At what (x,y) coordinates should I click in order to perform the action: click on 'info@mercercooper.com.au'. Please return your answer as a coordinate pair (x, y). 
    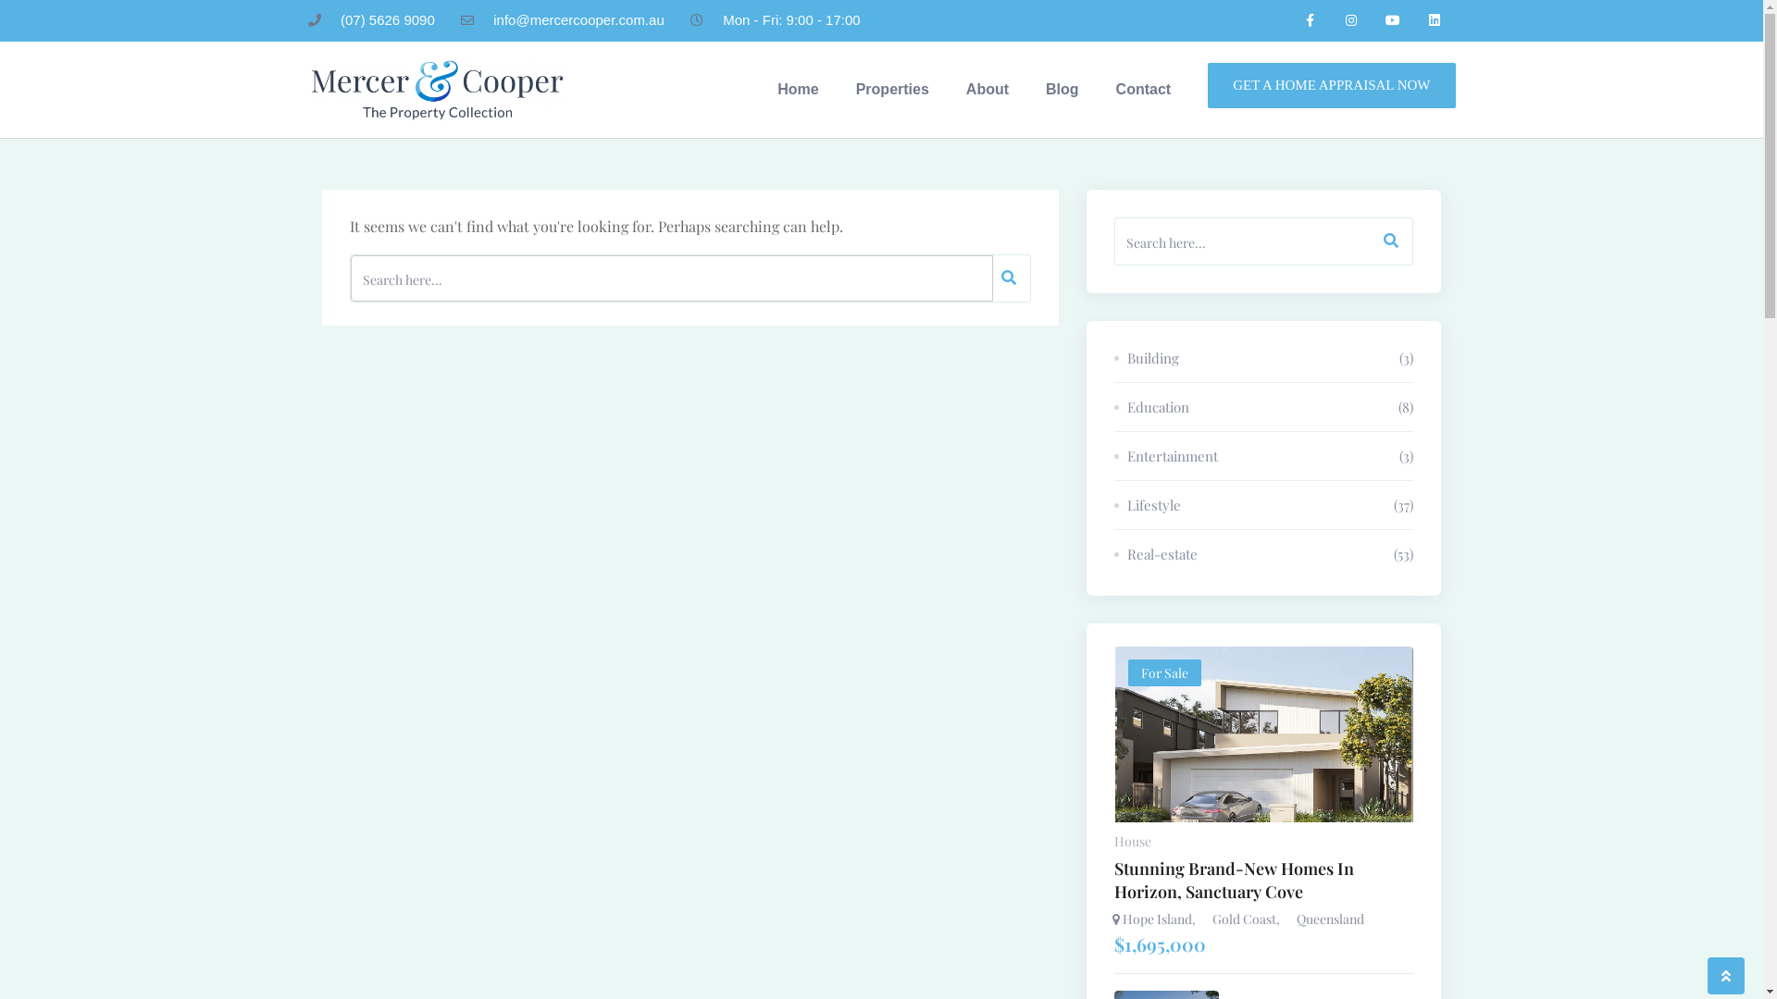
    Looking at the image, I should click on (461, 20).